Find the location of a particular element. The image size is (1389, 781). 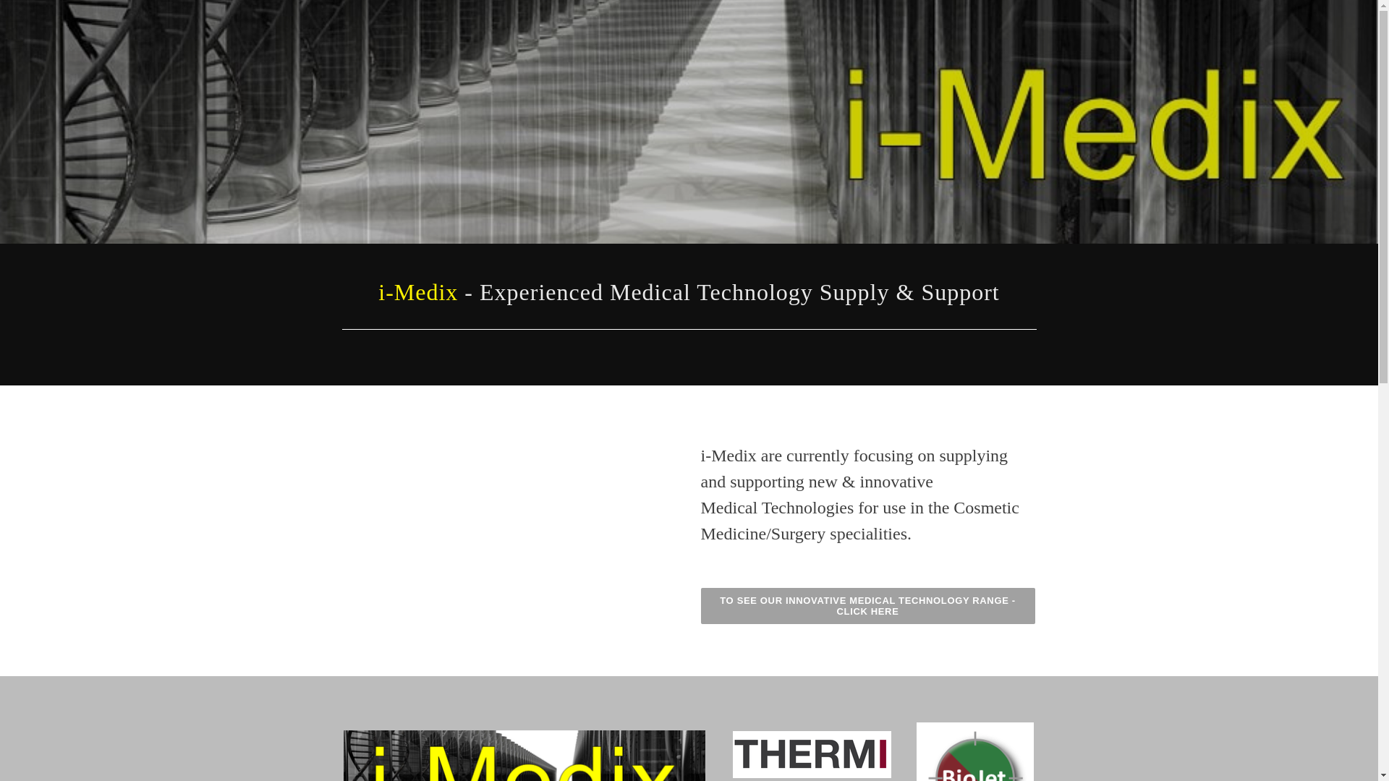

'TO SEE OUR INNOVATIVE MEDICAL TECHNOLOGY RANGE - CLICK HERE' is located at coordinates (867, 605).